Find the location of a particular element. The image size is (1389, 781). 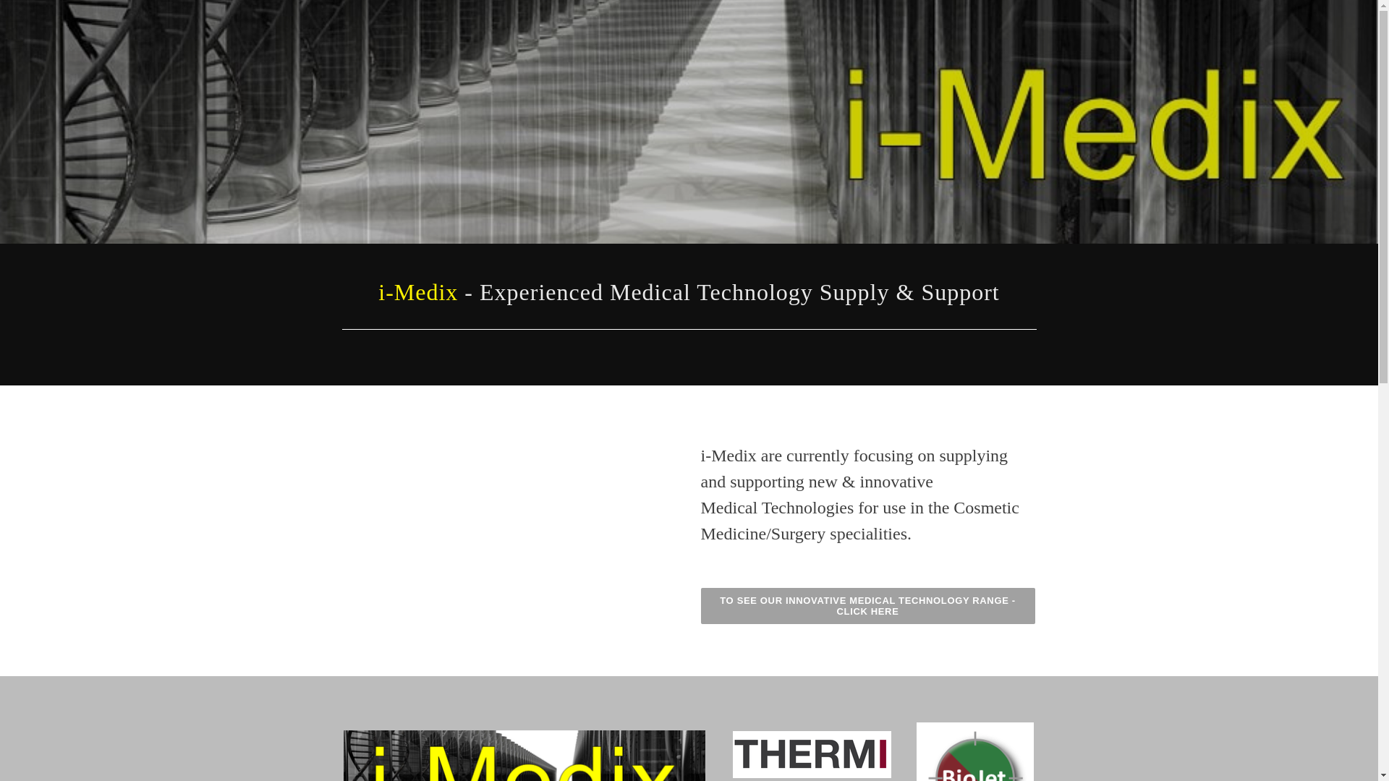

'TO SEE OUR INNOVATIVE MEDICAL TECHNOLOGY RANGE - CLICK HERE' is located at coordinates (867, 605).